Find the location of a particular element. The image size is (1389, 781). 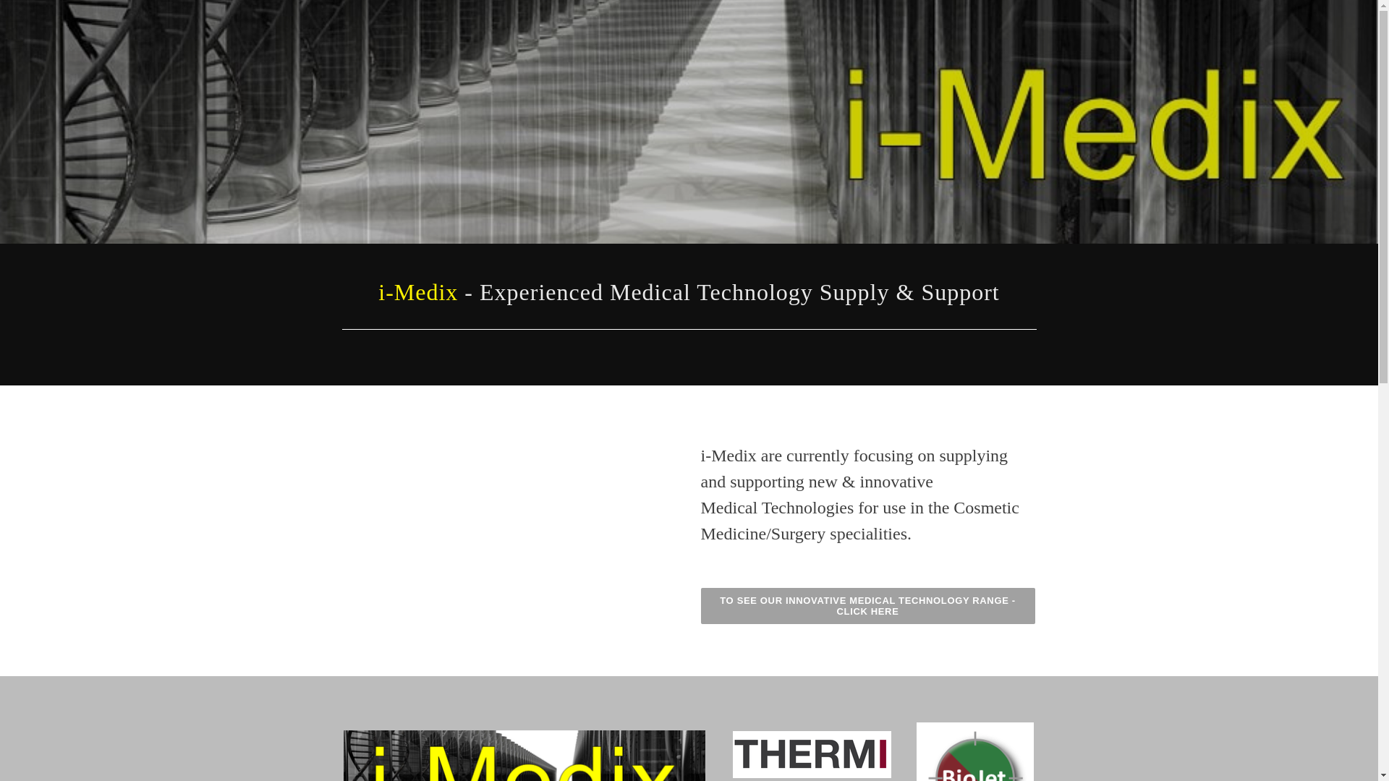

'TO SEE OUR INNOVATIVE MEDICAL TECHNOLOGY RANGE - CLICK HERE' is located at coordinates (867, 605).